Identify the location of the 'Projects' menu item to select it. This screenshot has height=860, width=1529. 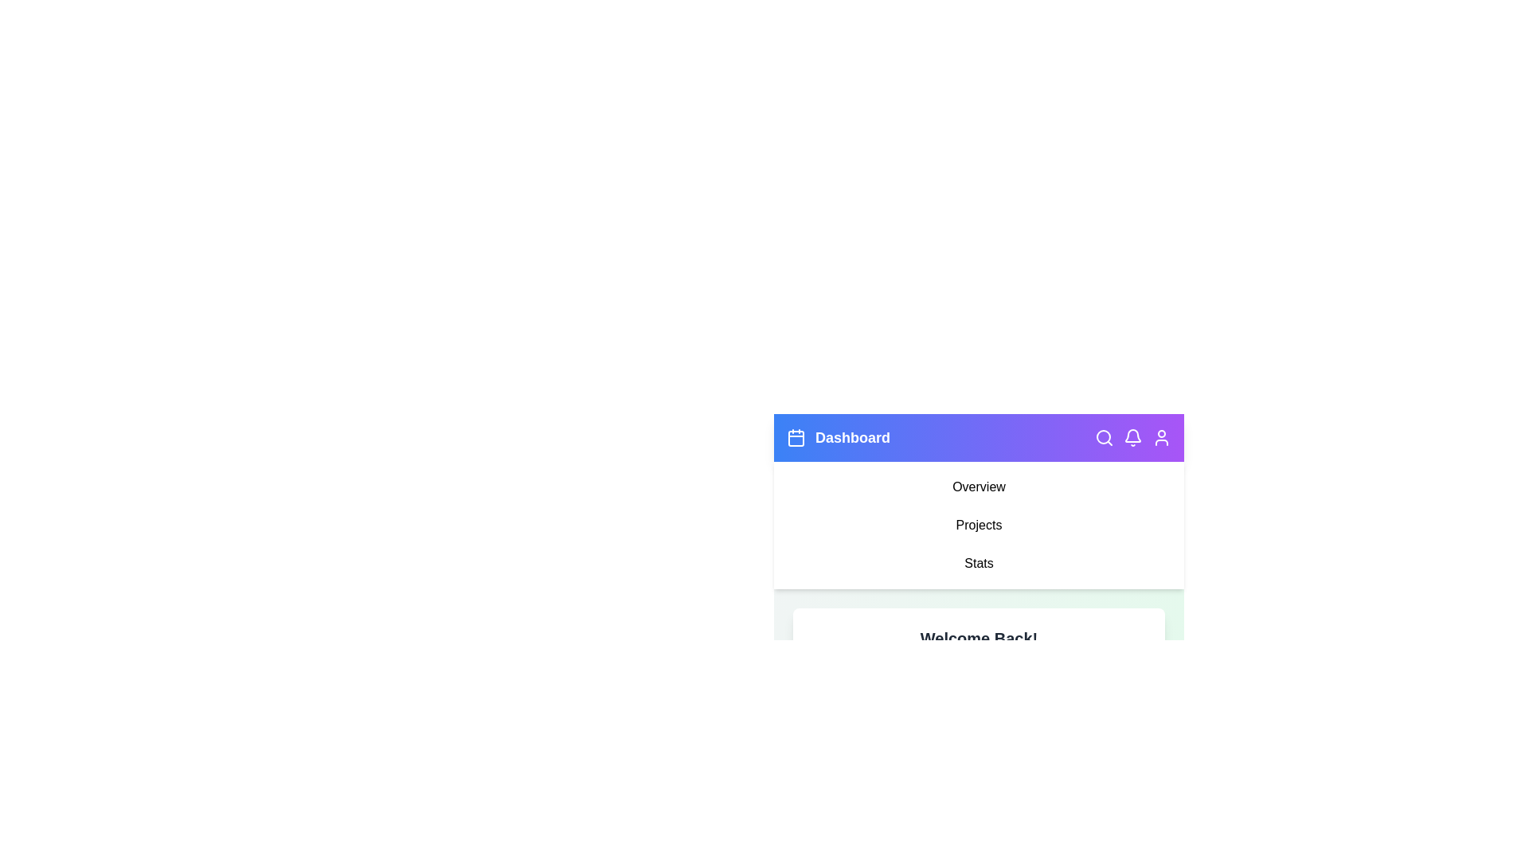
(978, 525).